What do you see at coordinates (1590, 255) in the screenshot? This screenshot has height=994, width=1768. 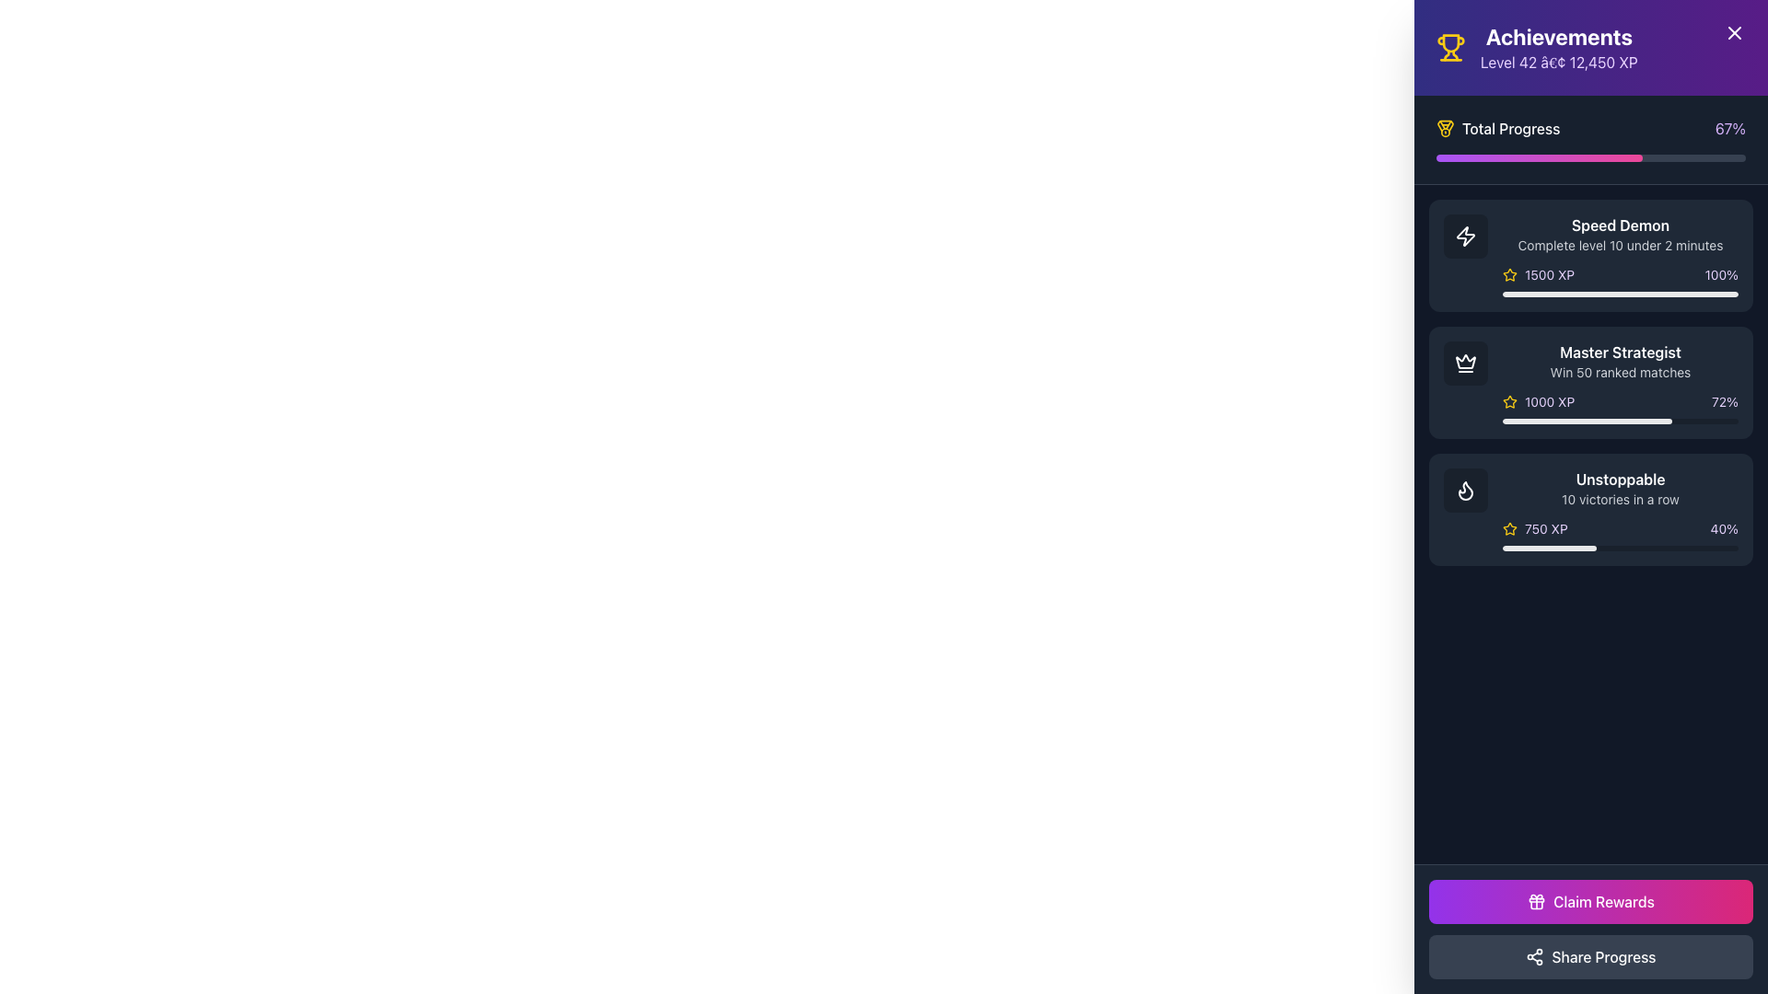 I see `the 'Speed Demon' achievement card located at the top of the vertical list in the 'Achievements' sidebar, positioned directly under the 'Total Progress' section` at bounding box center [1590, 255].